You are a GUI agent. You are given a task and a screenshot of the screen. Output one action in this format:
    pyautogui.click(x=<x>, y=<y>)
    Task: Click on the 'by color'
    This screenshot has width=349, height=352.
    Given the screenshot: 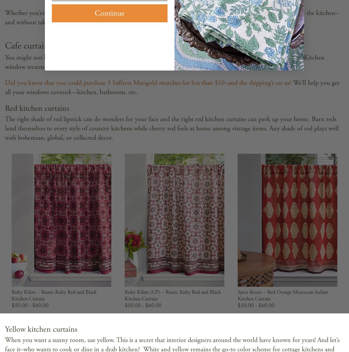 What is the action you would take?
    pyautogui.click(x=121, y=13)
    